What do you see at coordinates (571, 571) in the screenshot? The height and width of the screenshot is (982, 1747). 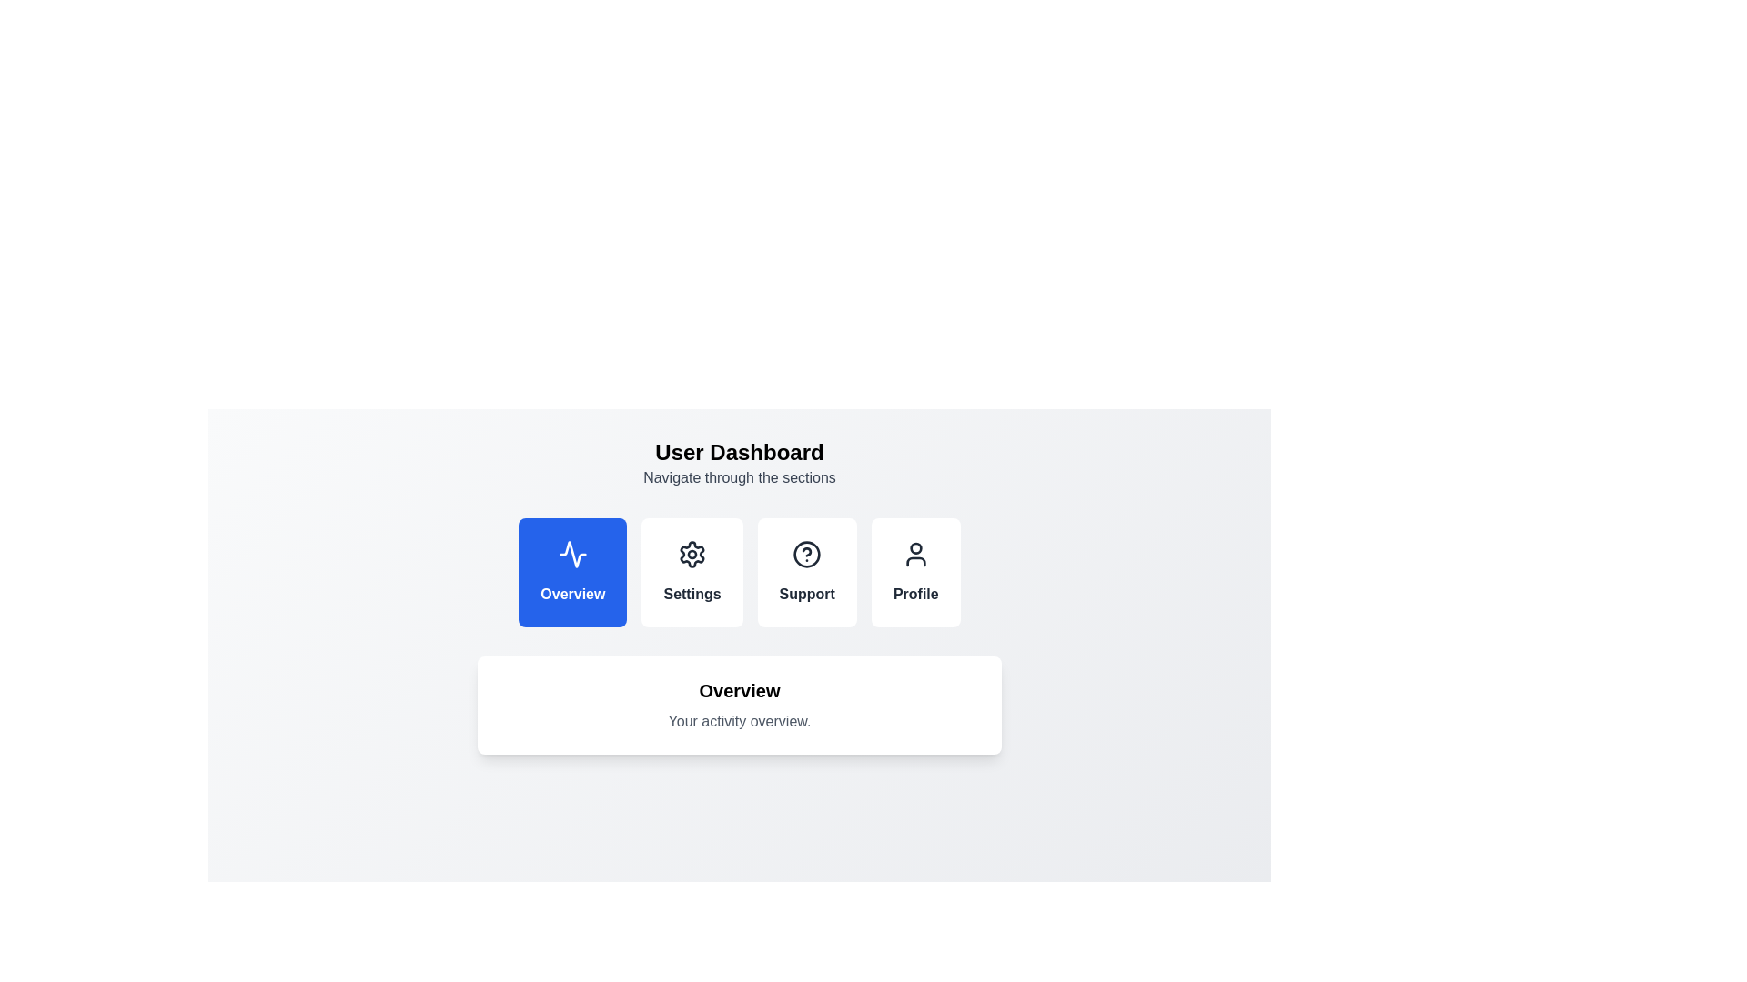 I see `the navigation button labeled 'Overview' located beneath the 'User Dashboard' heading` at bounding box center [571, 571].